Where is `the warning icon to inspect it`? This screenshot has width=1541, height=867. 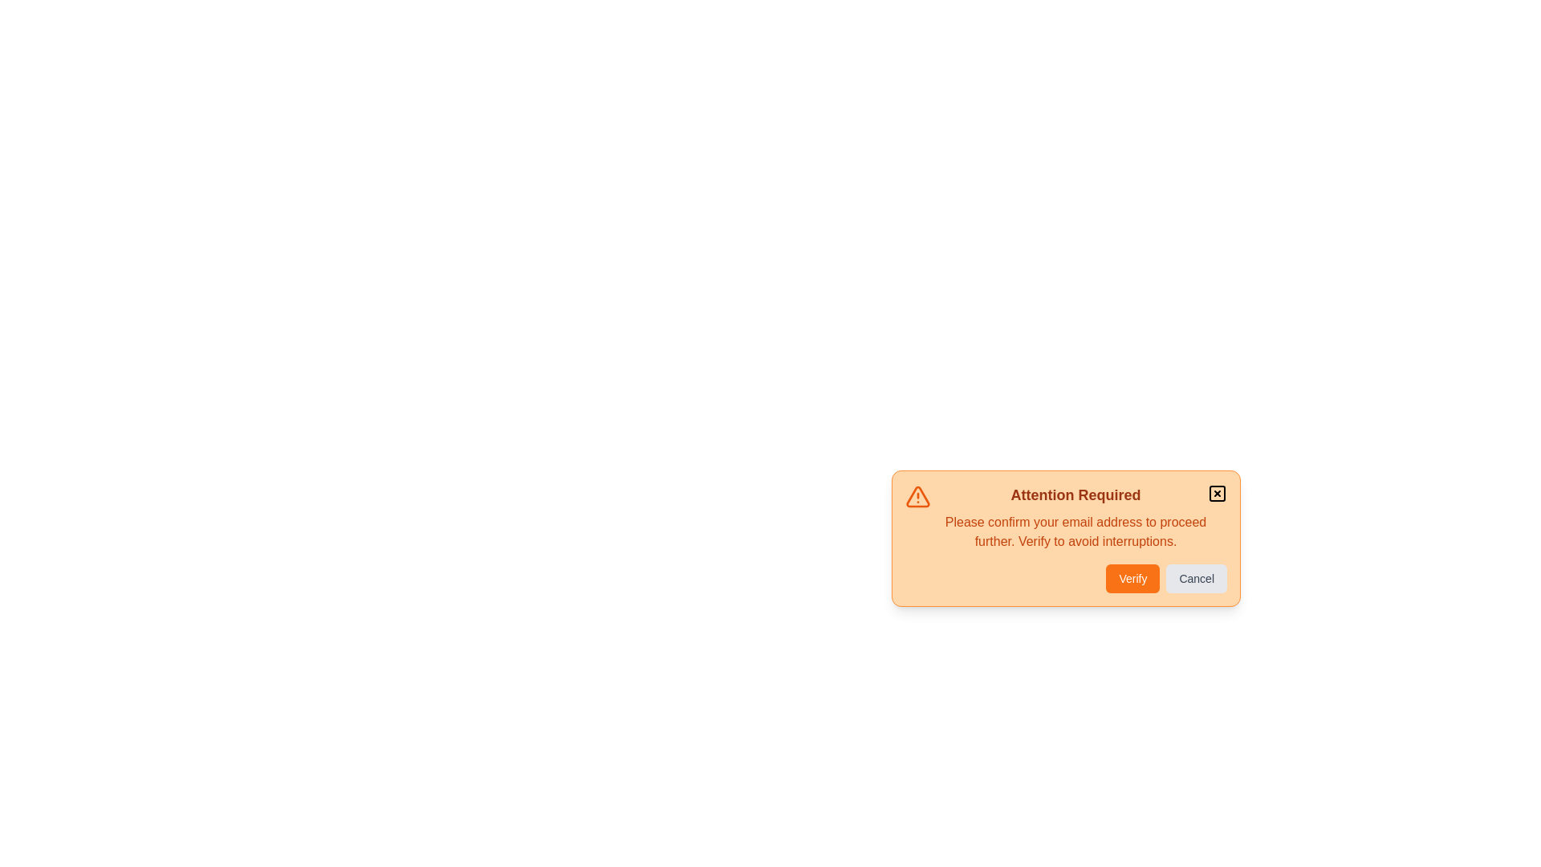 the warning icon to inspect it is located at coordinates (917, 495).